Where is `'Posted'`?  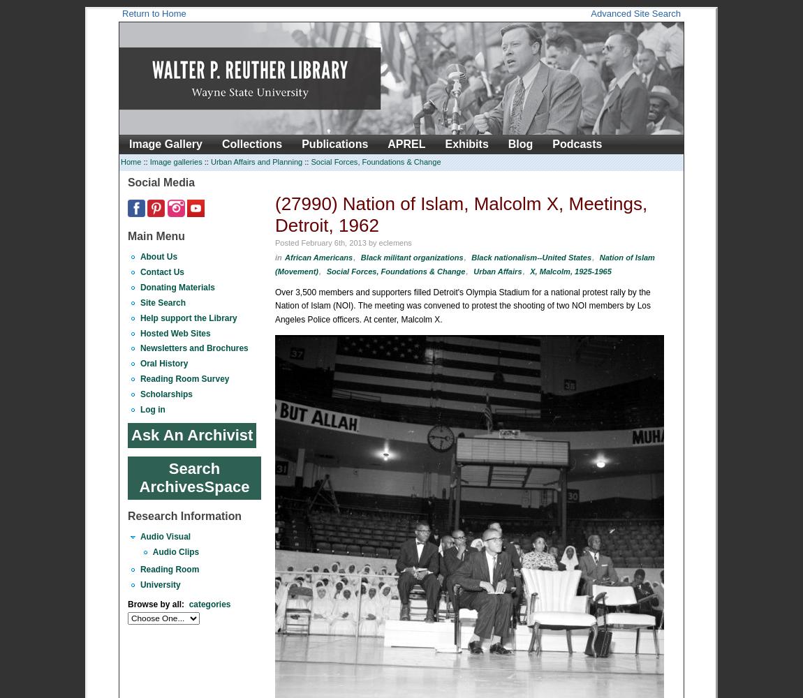
'Posted' is located at coordinates (288, 242).